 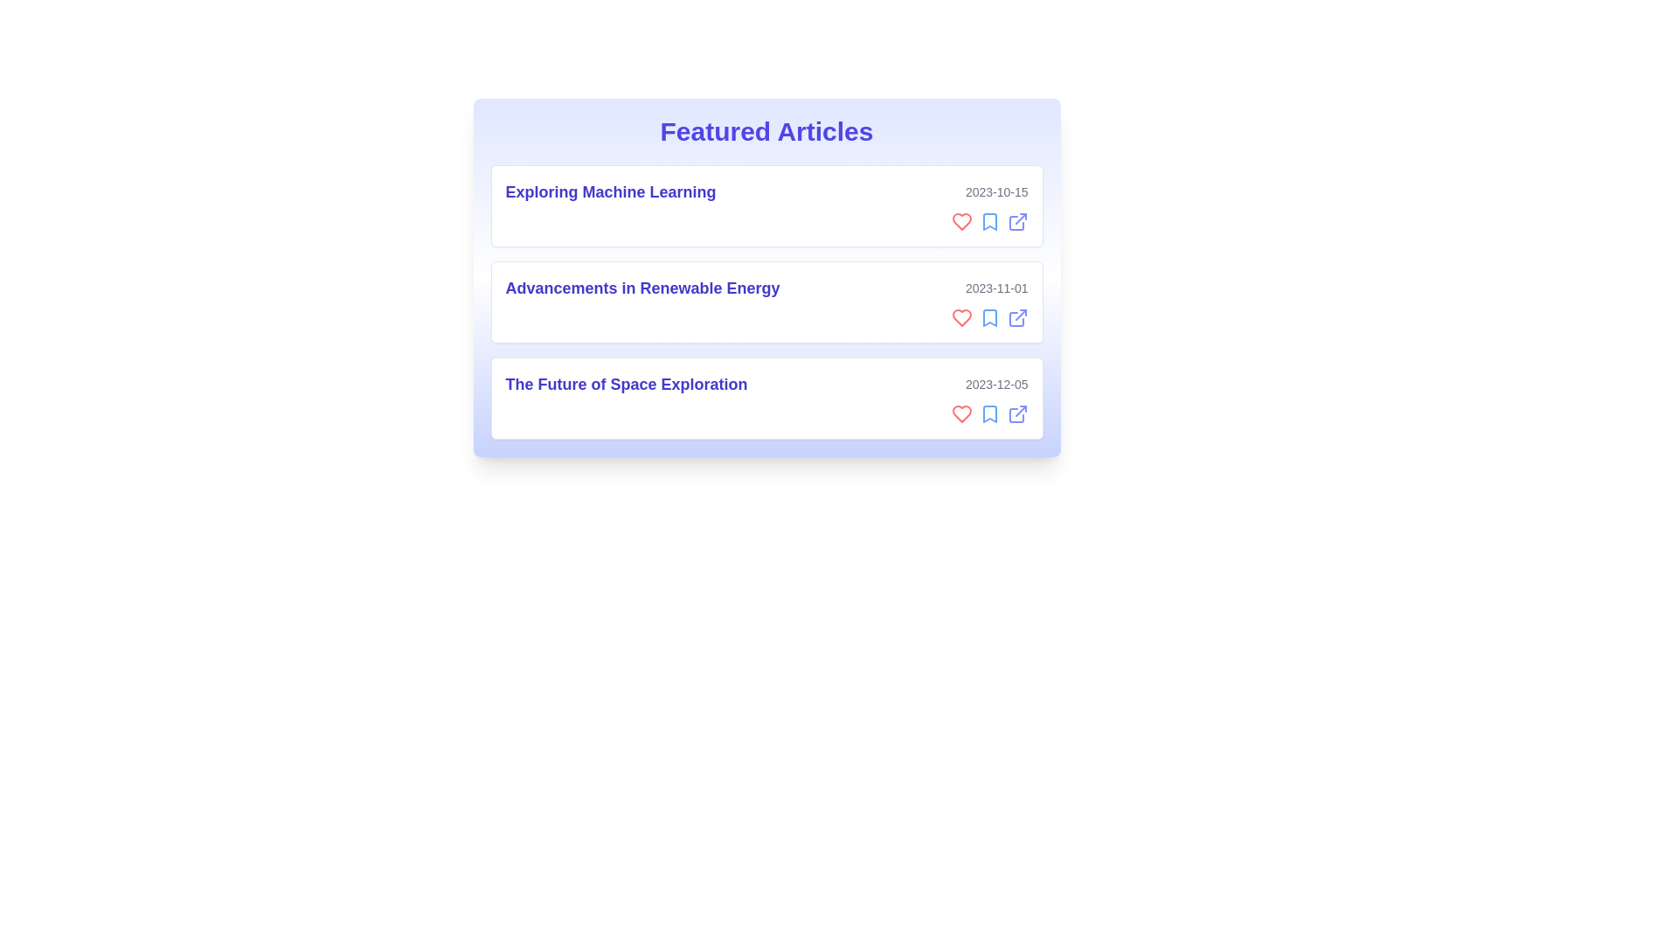 I want to click on bookmark icon for the article titled 'Exploring Machine Learning', so click(x=989, y=221).